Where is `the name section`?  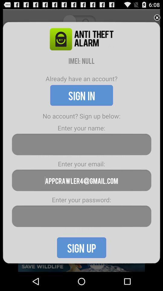 the name section is located at coordinates (81, 144).